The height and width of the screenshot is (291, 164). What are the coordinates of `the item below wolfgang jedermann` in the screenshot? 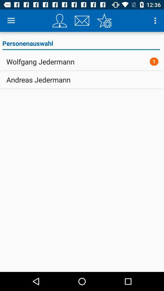 It's located at (38, 79).